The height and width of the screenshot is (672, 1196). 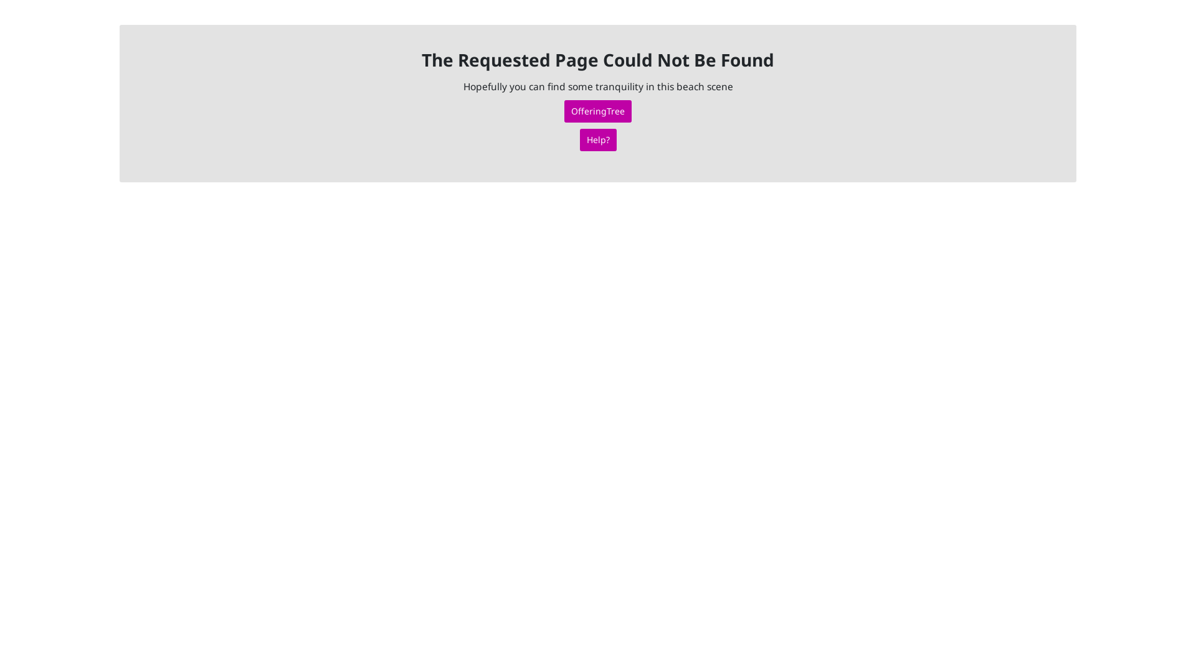 What do you see at coordinates (598, 110) in the screenshot?
I see `'OfferingTree'` at bounding box center [598, 110].